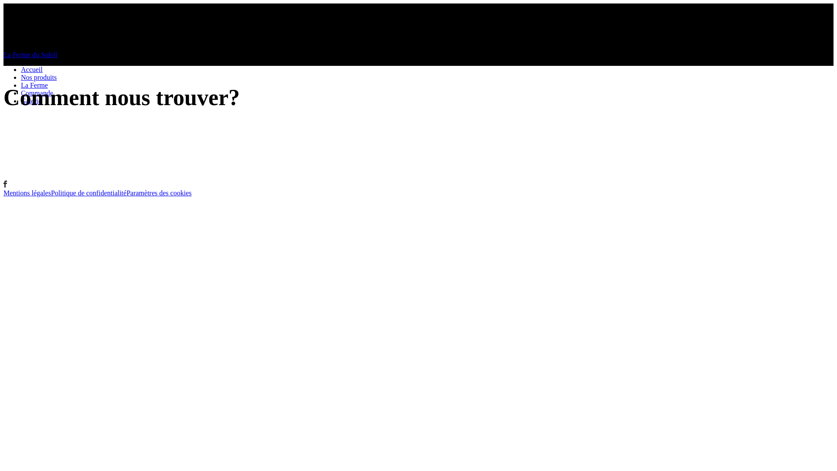  I want to click on 'Nos produits', so click(38, 77).